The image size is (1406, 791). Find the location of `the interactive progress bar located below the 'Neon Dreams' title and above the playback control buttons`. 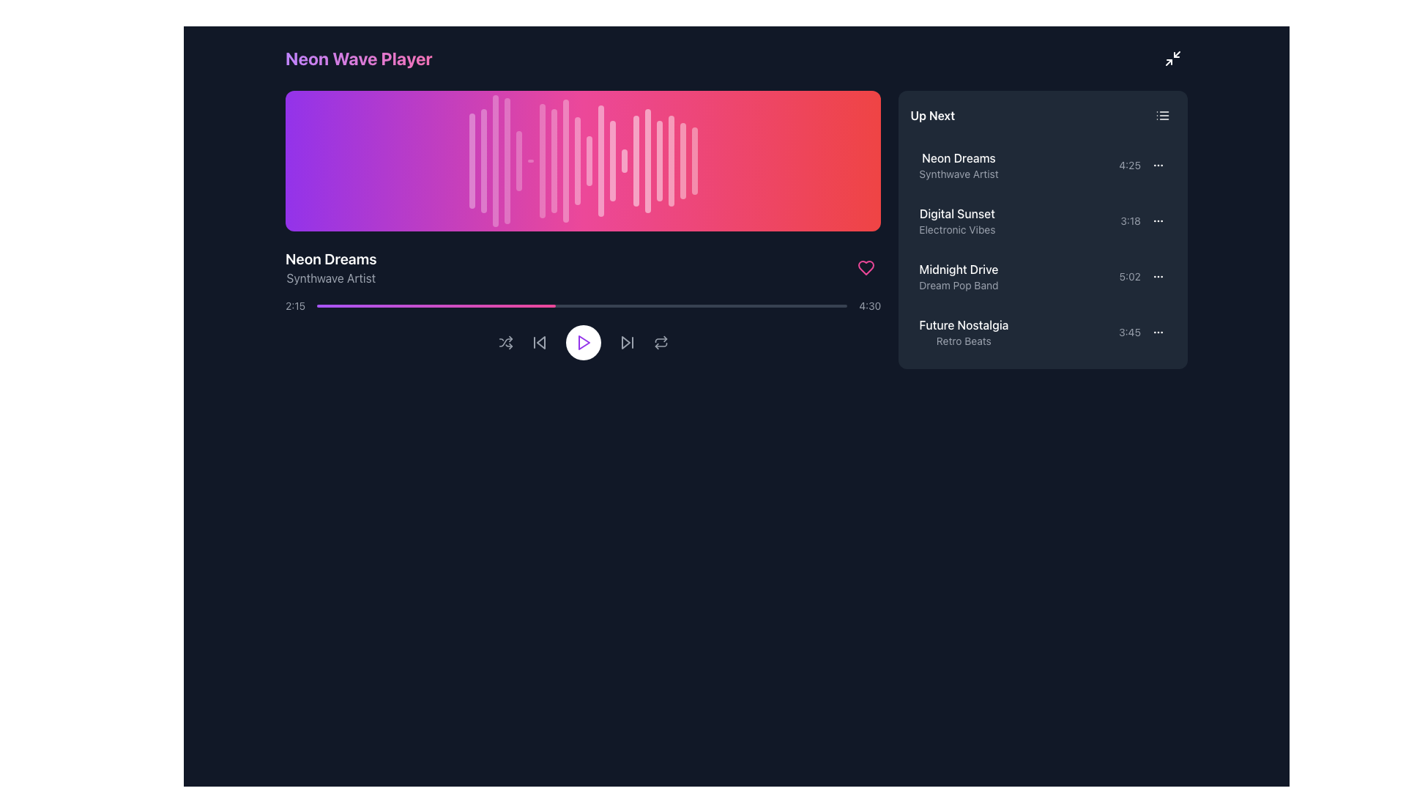

the interactive progress bar located below the 'Neon Dreams' title and above the playback control buttons is located at coordinates (582, 305).